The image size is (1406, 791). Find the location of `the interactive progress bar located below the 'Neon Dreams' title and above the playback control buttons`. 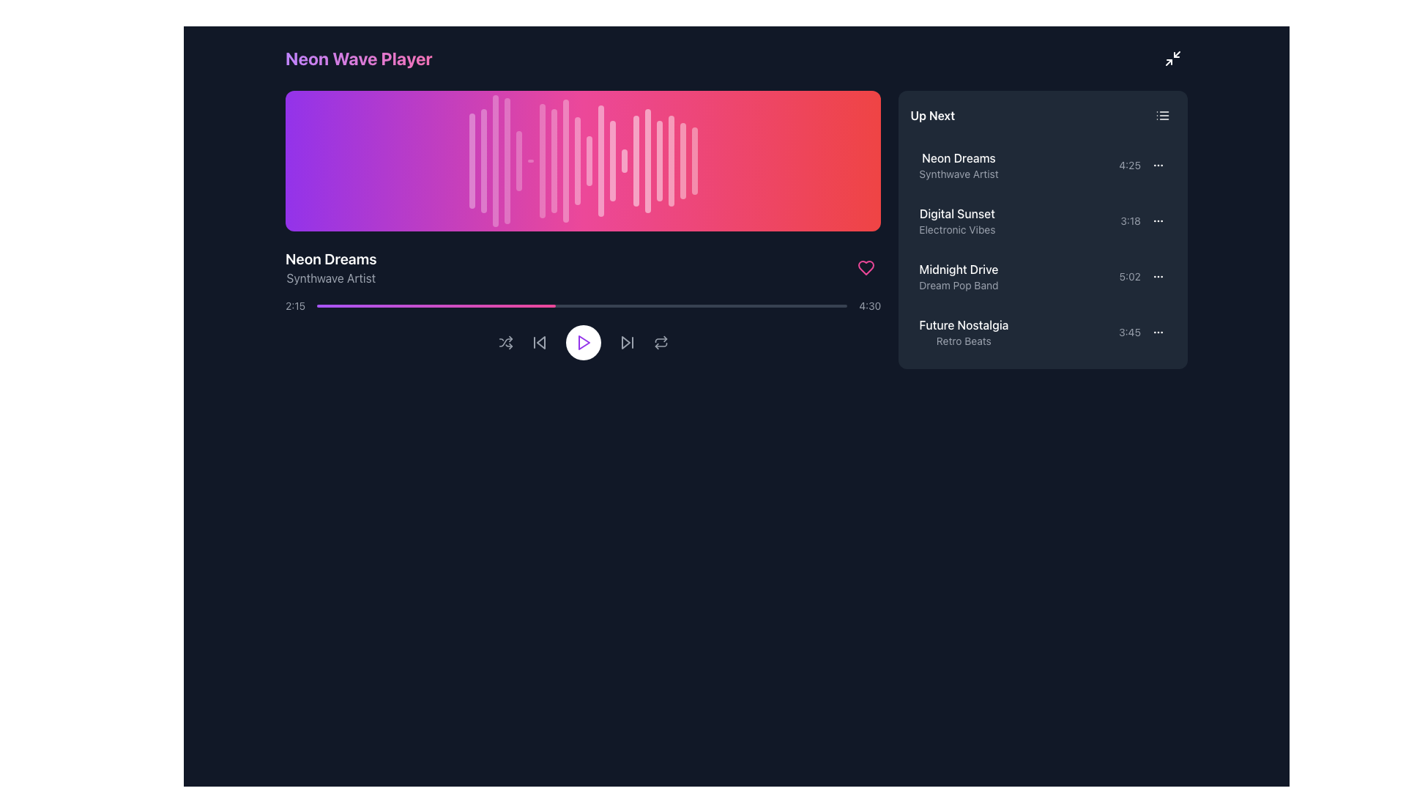

the interactive progress bar located below the 'Neon Dreams' title and above the playback control buttons is located at coordinates (582, 305).